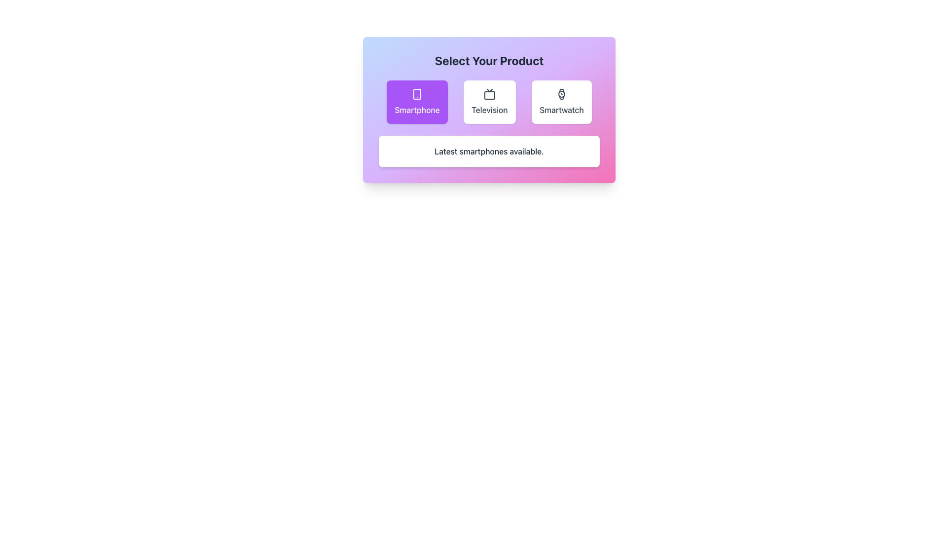 The width and height of the screenshot is (947, 533). I want to click on the minimalist smartwatch icon located within the third card of the 'Select Your Product' panel, so click(561, 94).